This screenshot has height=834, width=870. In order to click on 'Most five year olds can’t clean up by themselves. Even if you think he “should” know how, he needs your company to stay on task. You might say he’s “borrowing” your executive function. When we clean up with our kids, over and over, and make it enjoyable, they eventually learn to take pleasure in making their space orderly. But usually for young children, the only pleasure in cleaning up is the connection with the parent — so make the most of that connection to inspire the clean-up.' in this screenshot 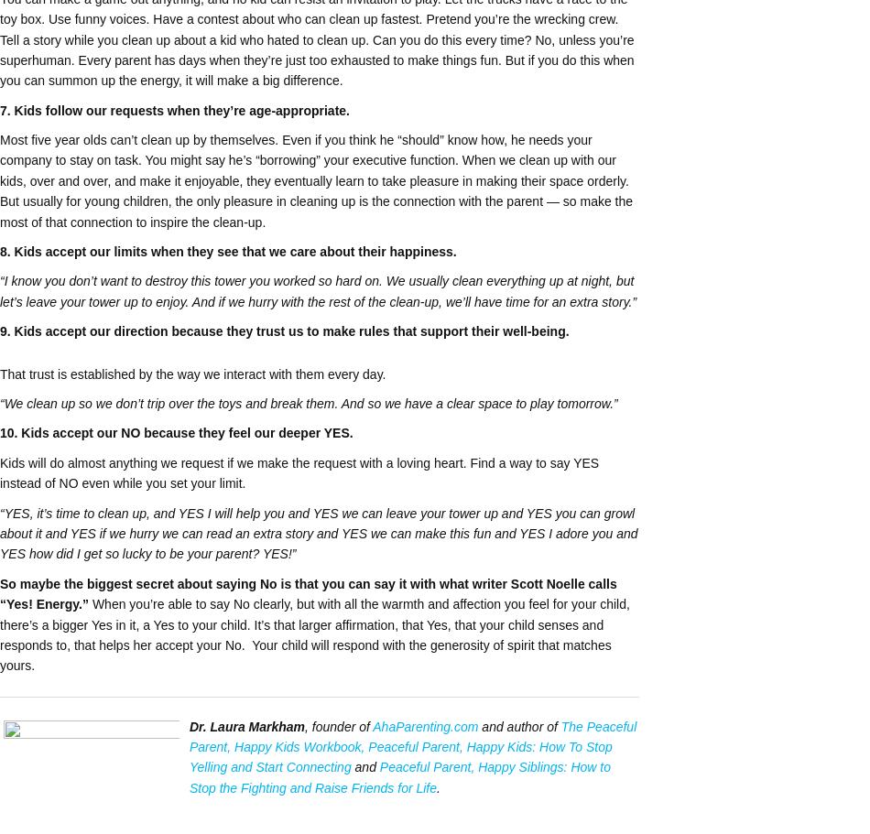, I will do `click(315, 179)`.